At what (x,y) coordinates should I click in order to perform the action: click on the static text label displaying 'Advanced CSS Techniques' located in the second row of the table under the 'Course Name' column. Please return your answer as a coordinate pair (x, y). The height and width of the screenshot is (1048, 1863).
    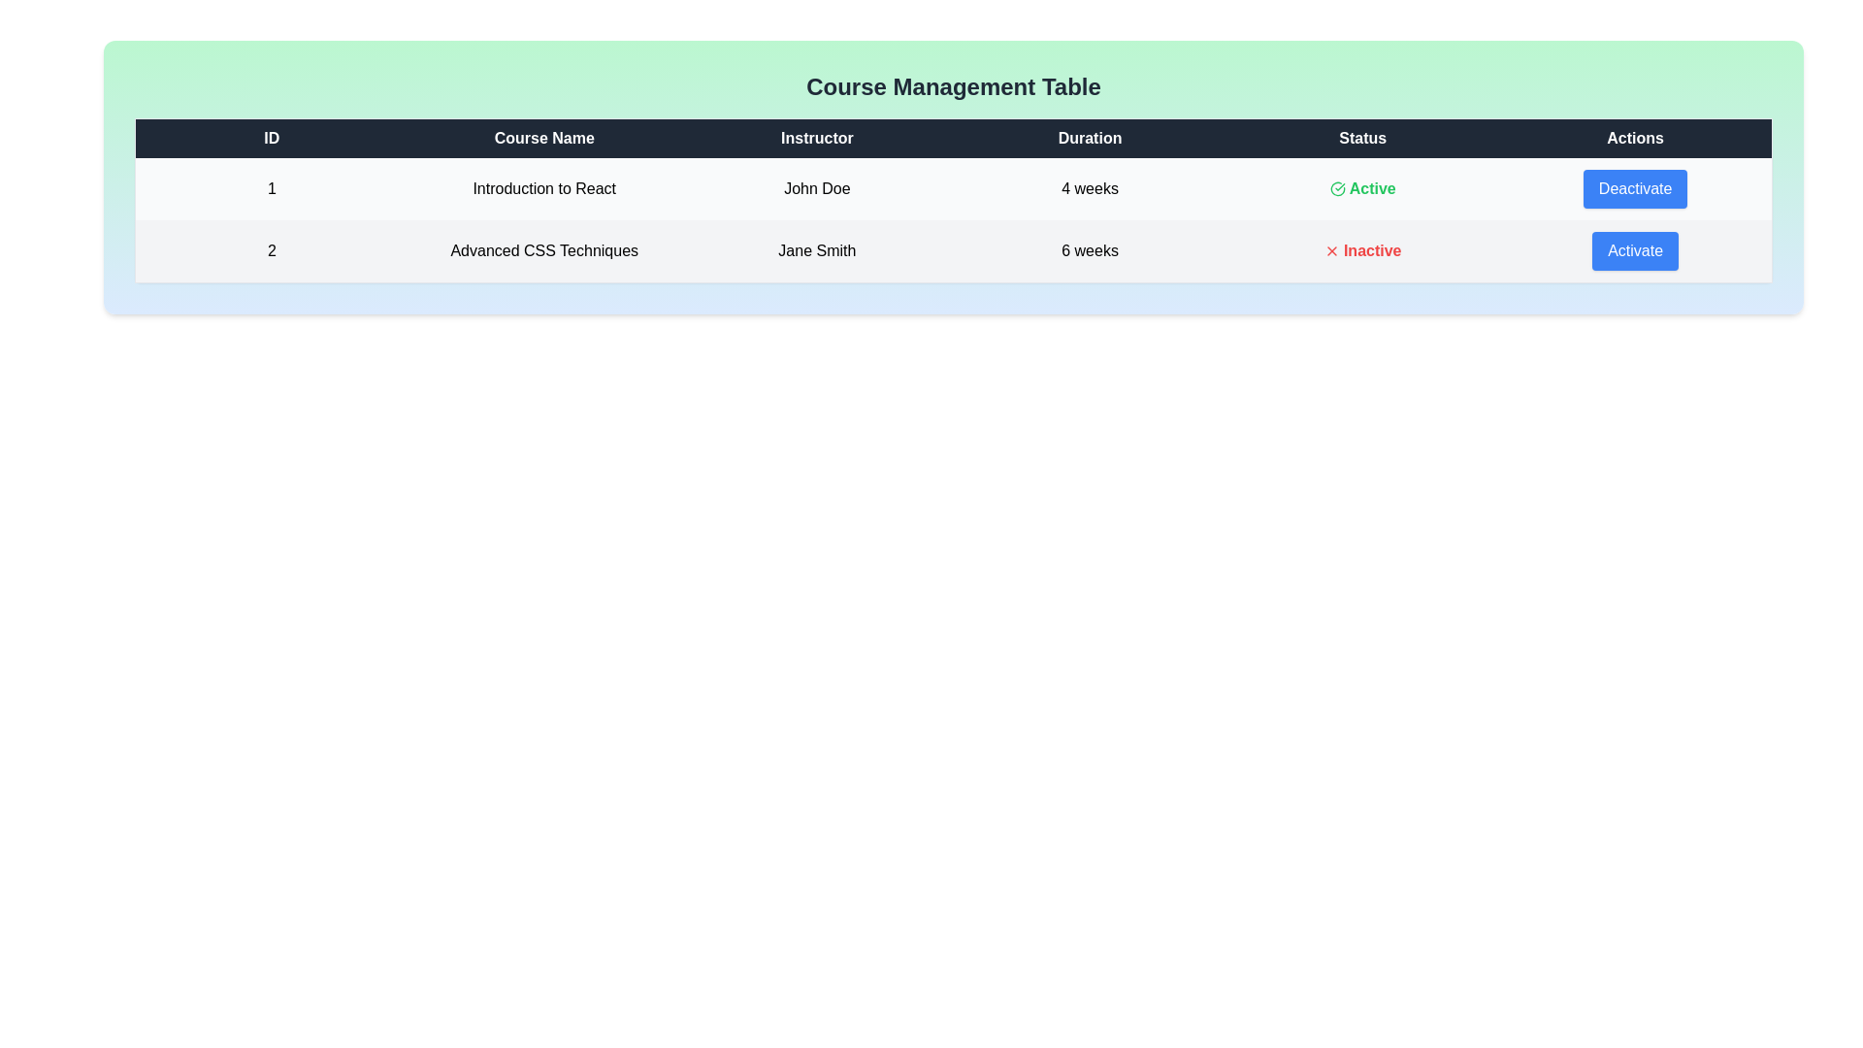
    Looking at the image, I should click on (543, 250).